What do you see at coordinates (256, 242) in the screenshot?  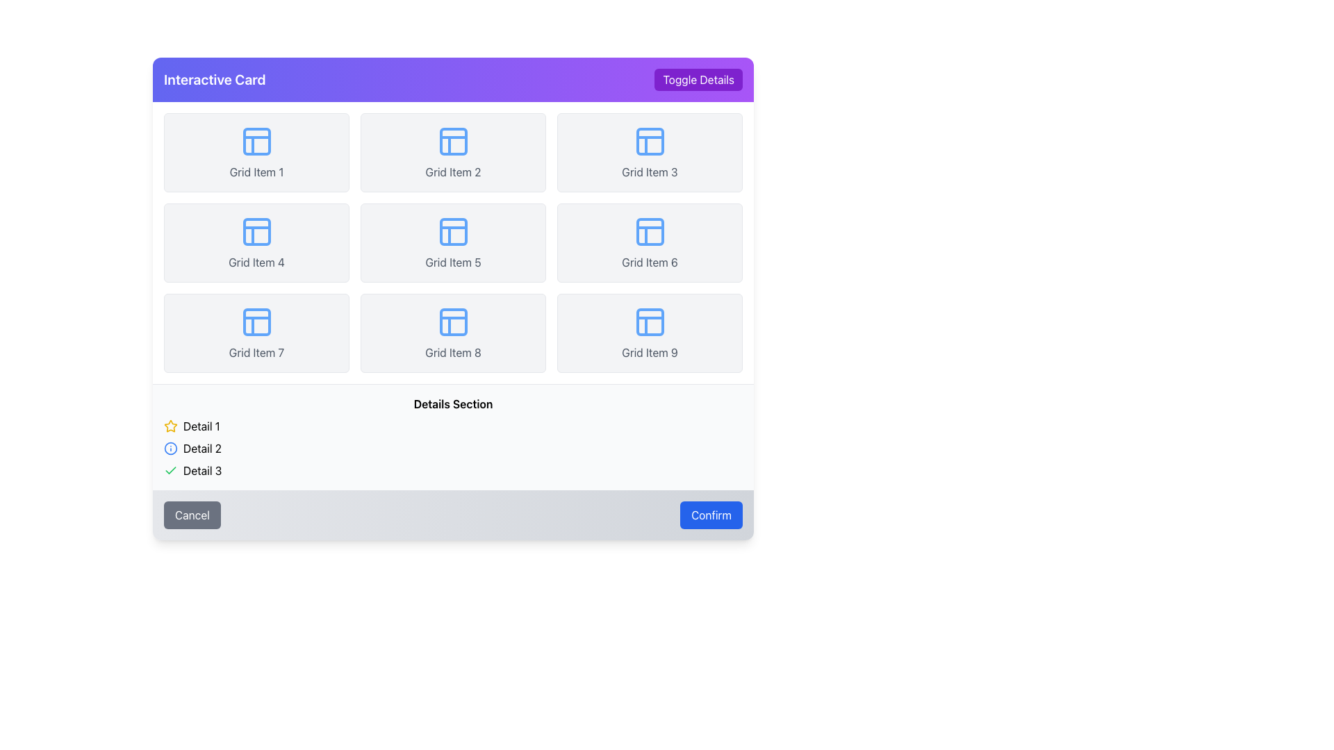 I see `the 'Grid Item 4' card element, which is a light gray card with a blue grid icon at the top, located in the second row and first column of the grid` at bounding box center [256, 242].